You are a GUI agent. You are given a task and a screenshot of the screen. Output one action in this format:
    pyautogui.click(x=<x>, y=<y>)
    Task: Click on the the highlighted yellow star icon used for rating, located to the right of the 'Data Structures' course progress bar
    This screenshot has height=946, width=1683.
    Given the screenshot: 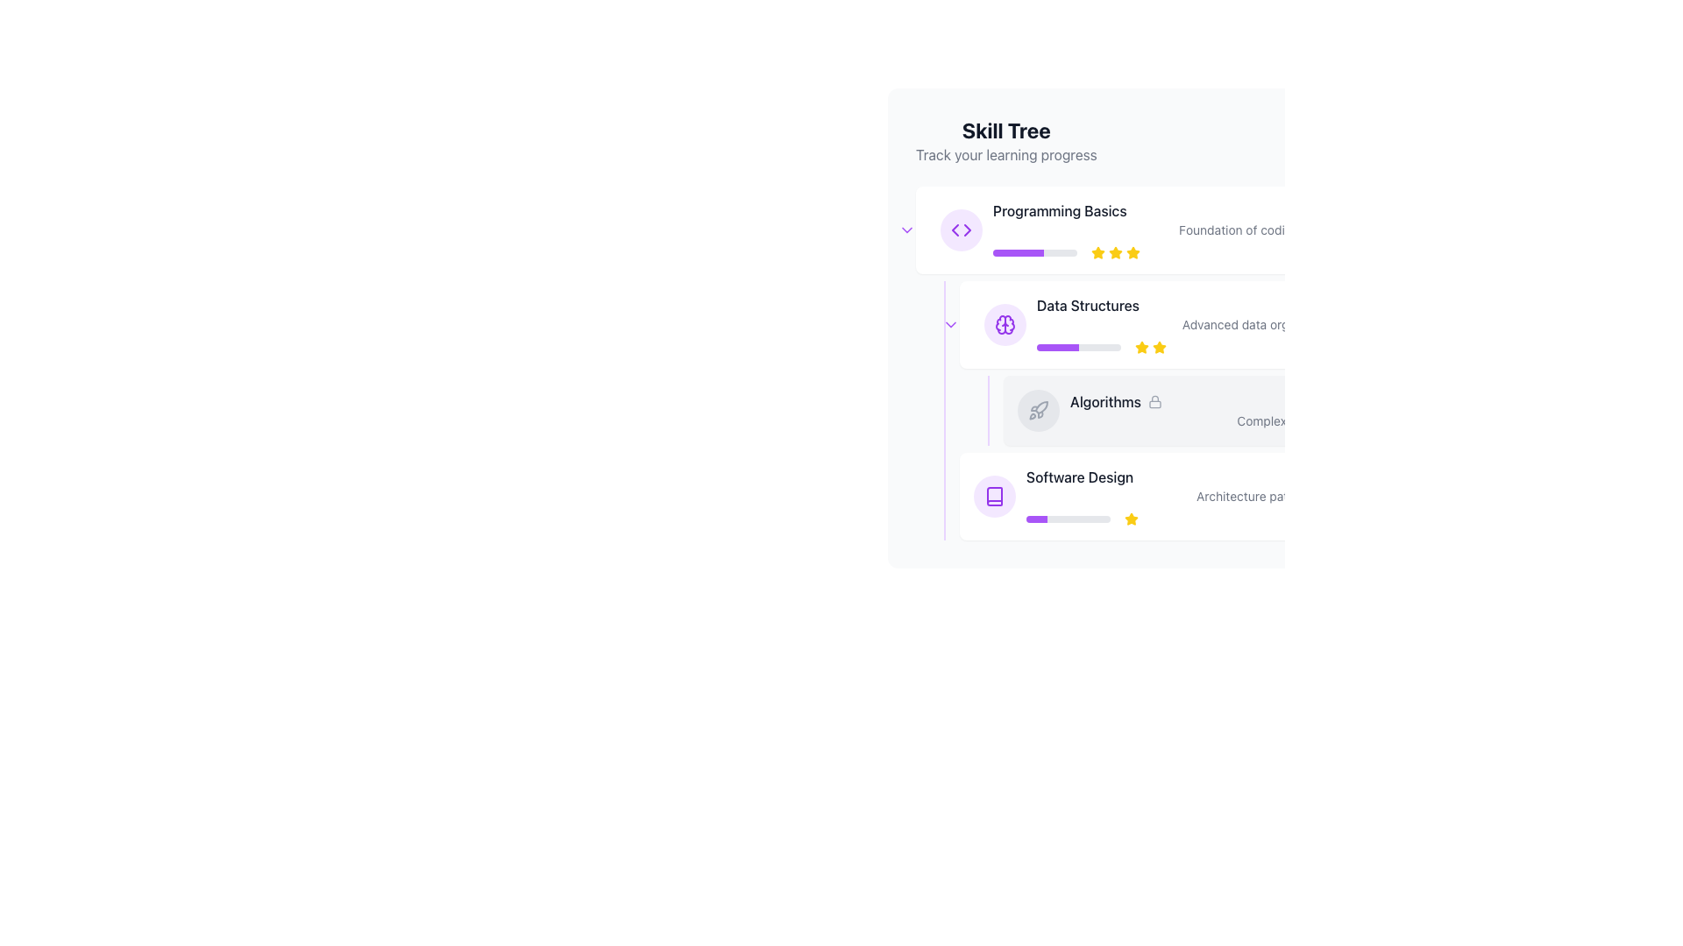 What is the action you would take?
    pyautogui.click(x=1160, y=347)
    